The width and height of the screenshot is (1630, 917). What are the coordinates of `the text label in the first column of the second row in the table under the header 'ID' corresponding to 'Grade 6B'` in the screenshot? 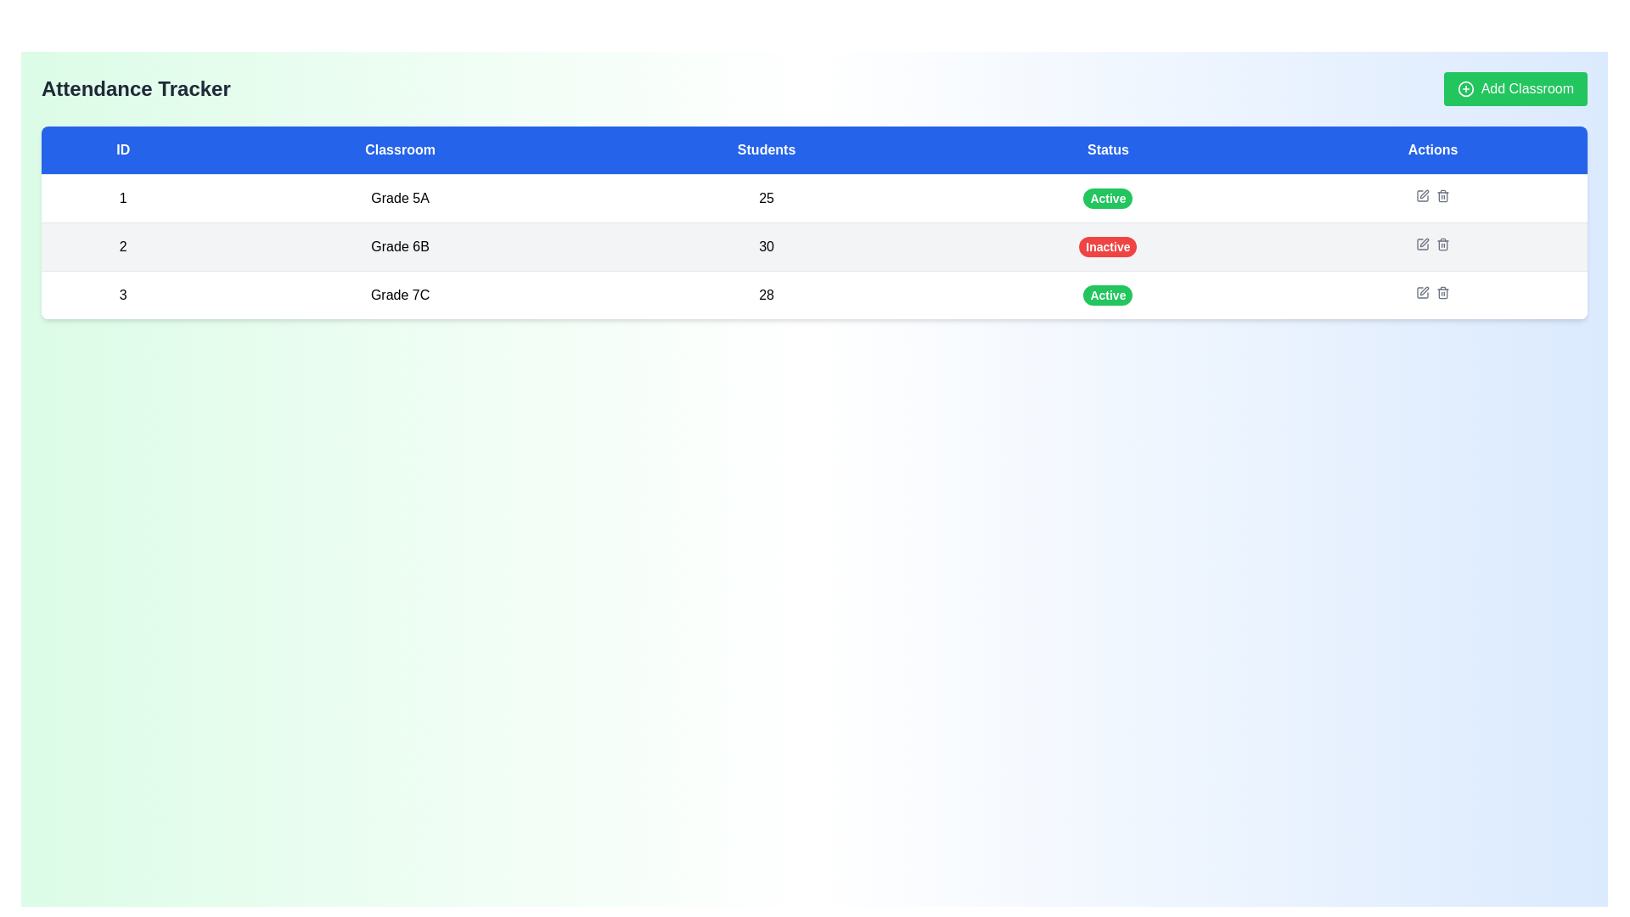 It's located at (122, 246).